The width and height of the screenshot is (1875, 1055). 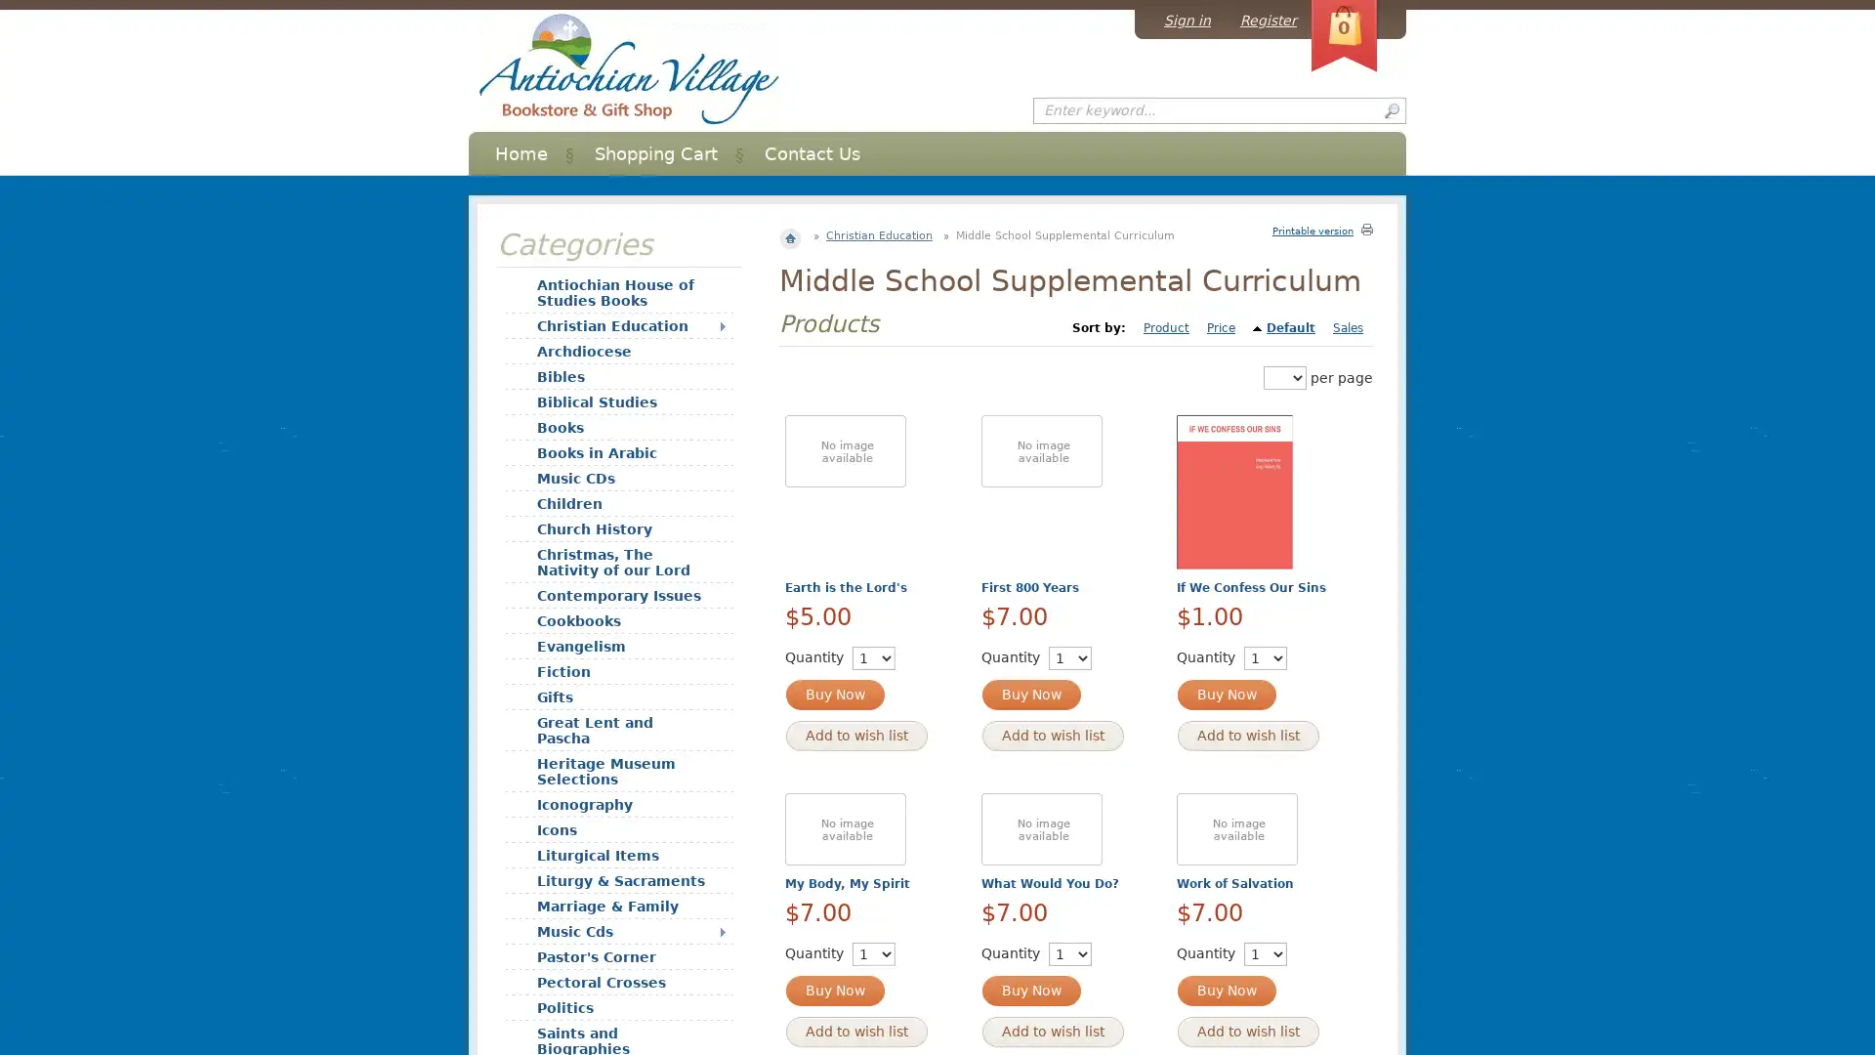 I want to click on Add to wish list, so click(x=1247, y=736).